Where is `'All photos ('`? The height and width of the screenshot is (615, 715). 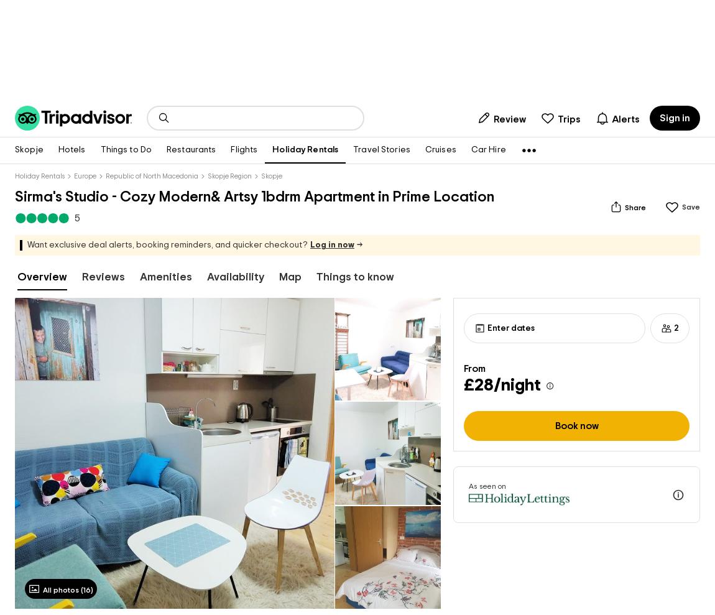 'All photos (' is located at coordinates (62, 589).